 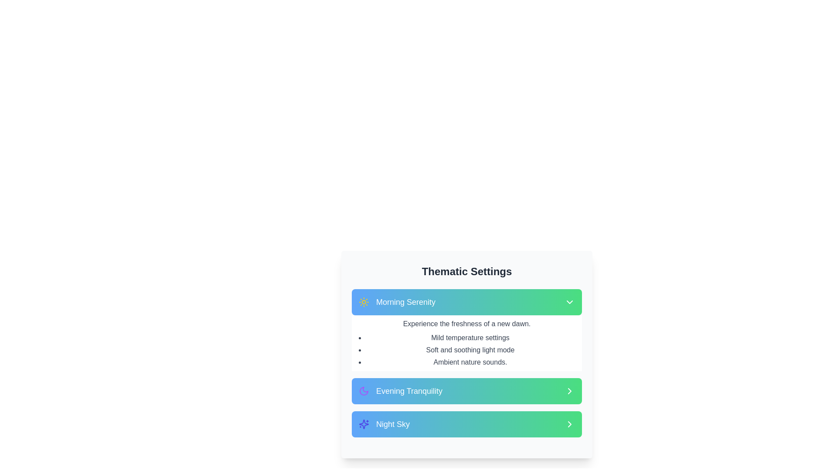 I want to click on the icon indicating the 'Morning Serenity' option located on the left side of the list item, so click(x=364, y=302).